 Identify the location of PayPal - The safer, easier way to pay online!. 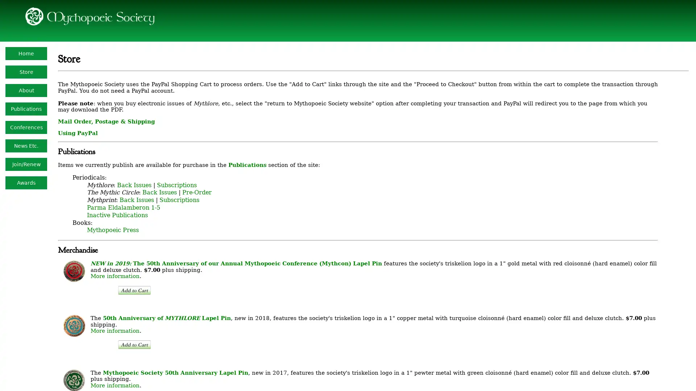
(134, 344).